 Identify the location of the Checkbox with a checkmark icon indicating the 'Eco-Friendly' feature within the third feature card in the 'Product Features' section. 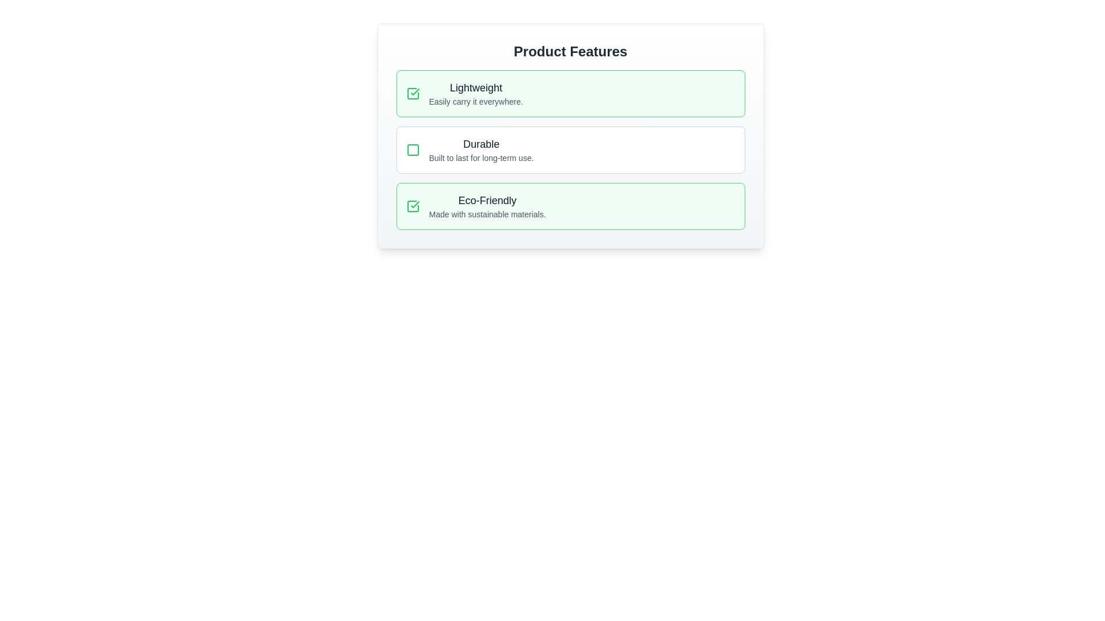
(413, 205).